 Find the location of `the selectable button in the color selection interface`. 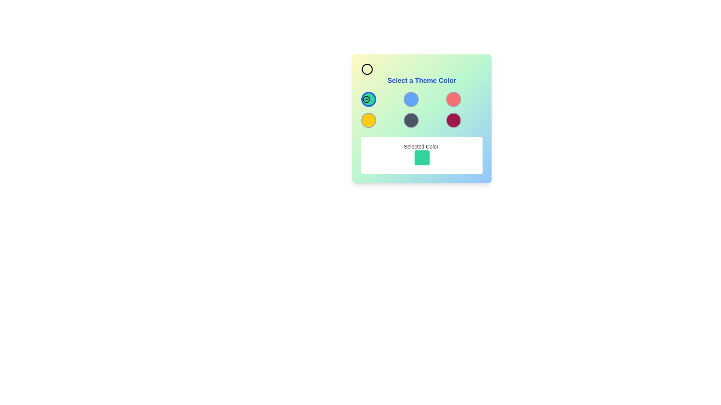

the selectable button in the color selection interface is located at coordinates (369, 99).